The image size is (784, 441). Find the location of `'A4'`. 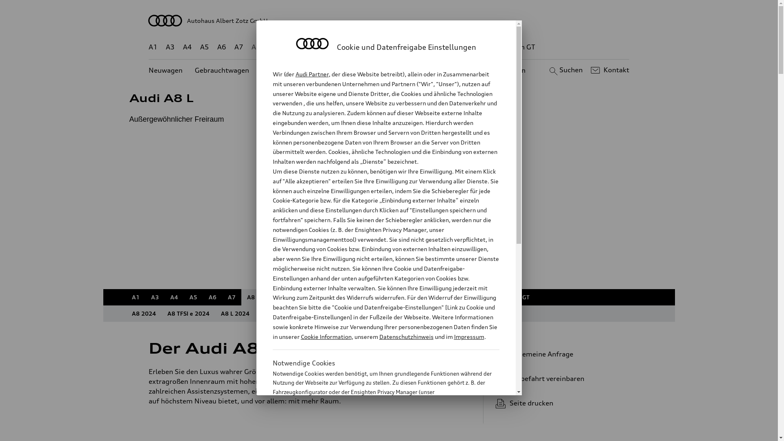

'A4' is located at coordinates (173, 297).